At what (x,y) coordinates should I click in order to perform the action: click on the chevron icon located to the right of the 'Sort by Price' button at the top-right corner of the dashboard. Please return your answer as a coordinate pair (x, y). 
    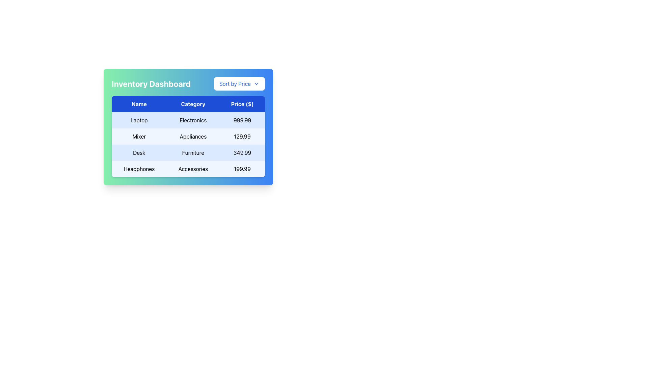
    Looking at the image, I should click on (256, 83).